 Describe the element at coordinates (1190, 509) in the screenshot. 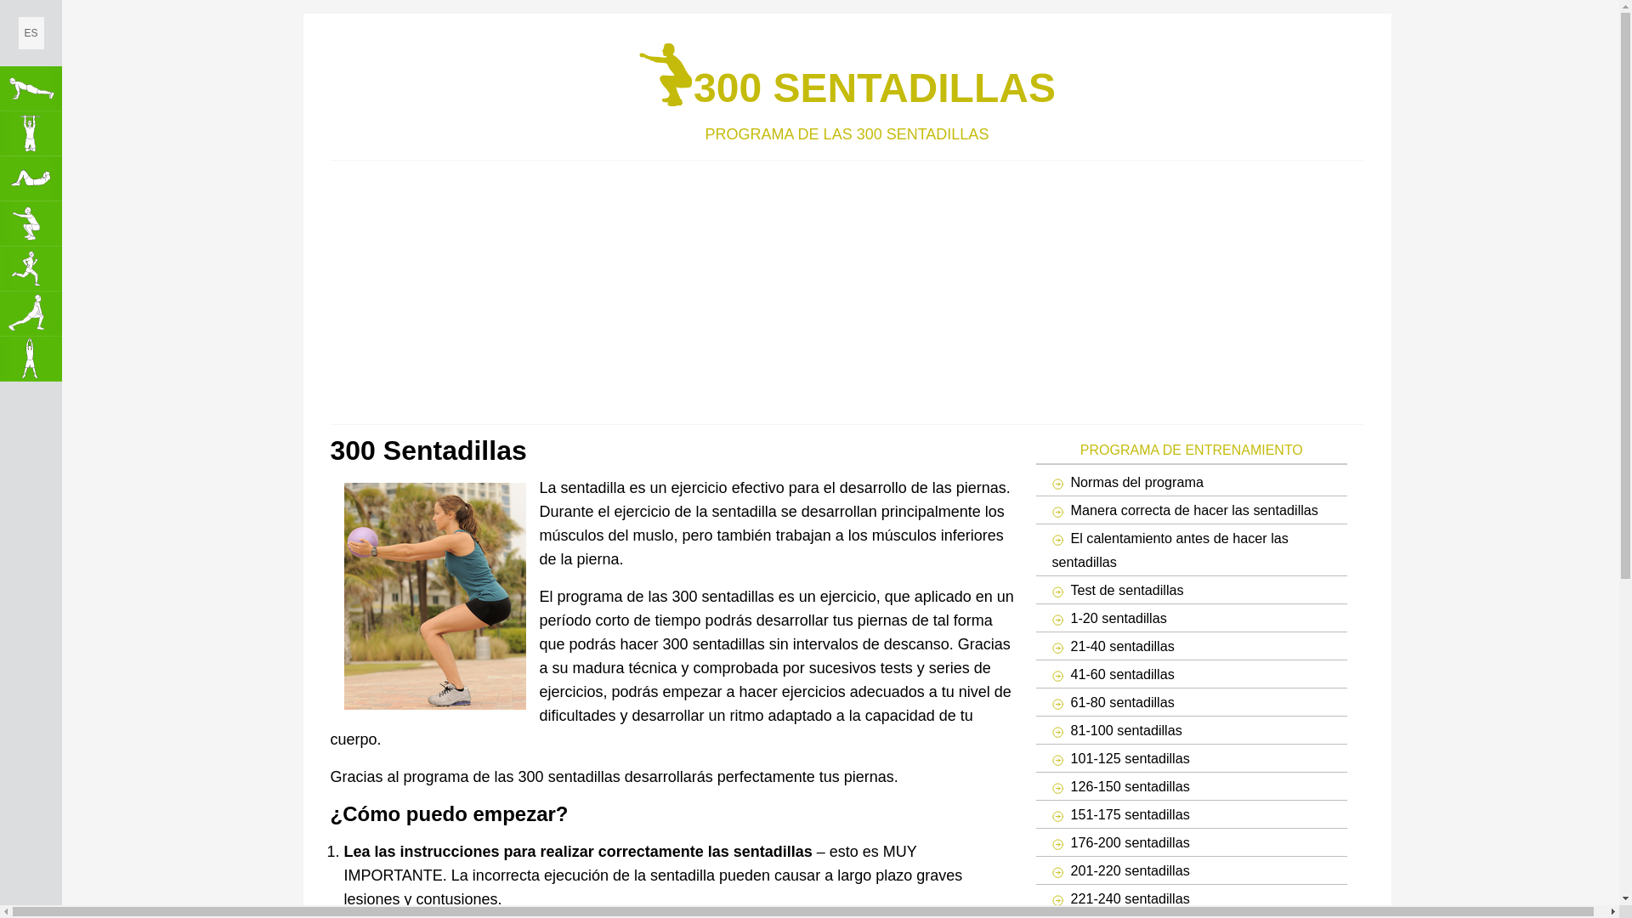

I see `'Manera correcta de hacer las sentadillas'` at that location.